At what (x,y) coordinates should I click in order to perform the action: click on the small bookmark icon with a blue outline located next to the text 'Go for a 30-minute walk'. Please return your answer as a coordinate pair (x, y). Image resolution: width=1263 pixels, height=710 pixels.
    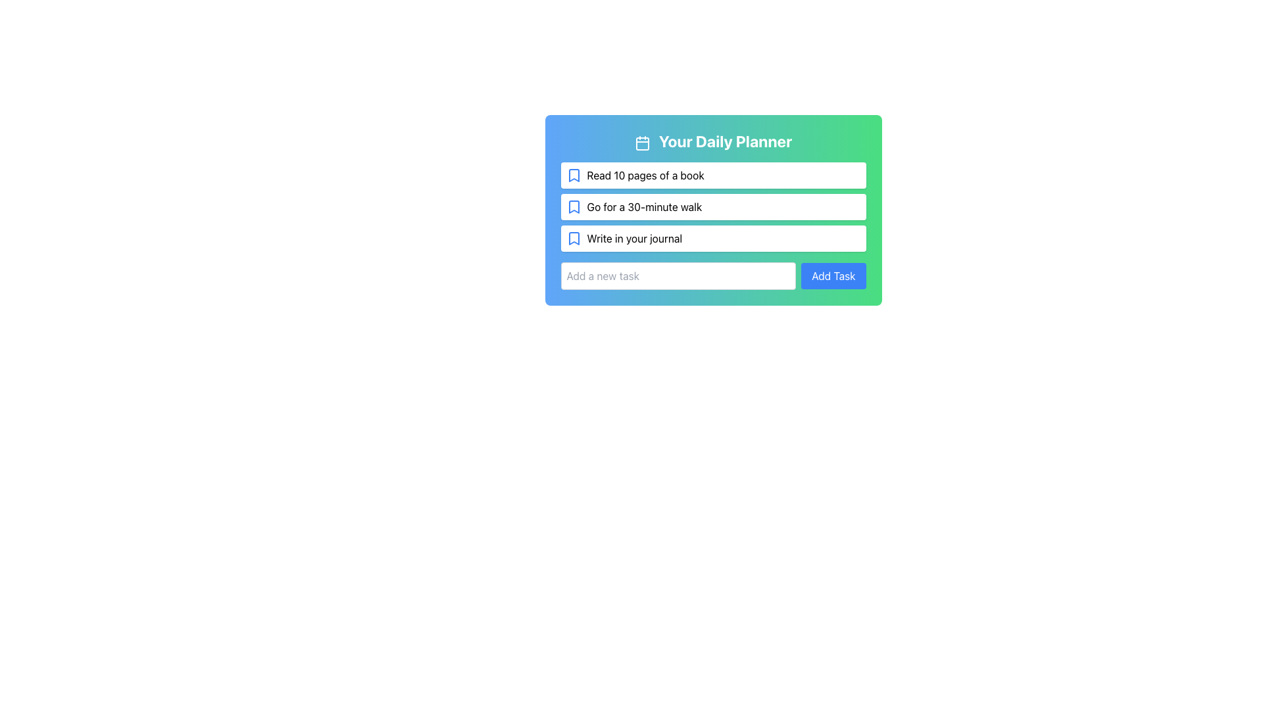
    Looking at the image, I should click on (574, 207).